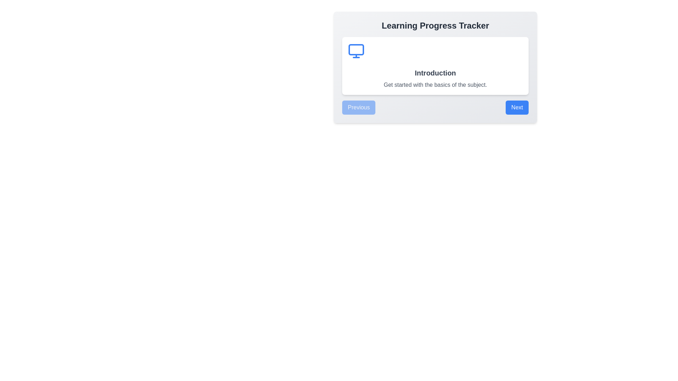  I want to click on the learning progress icon located in the top-left portion of the 'Learning Progress Tracker' card, positioned above the 'Introduction' title, so click(356, 51).